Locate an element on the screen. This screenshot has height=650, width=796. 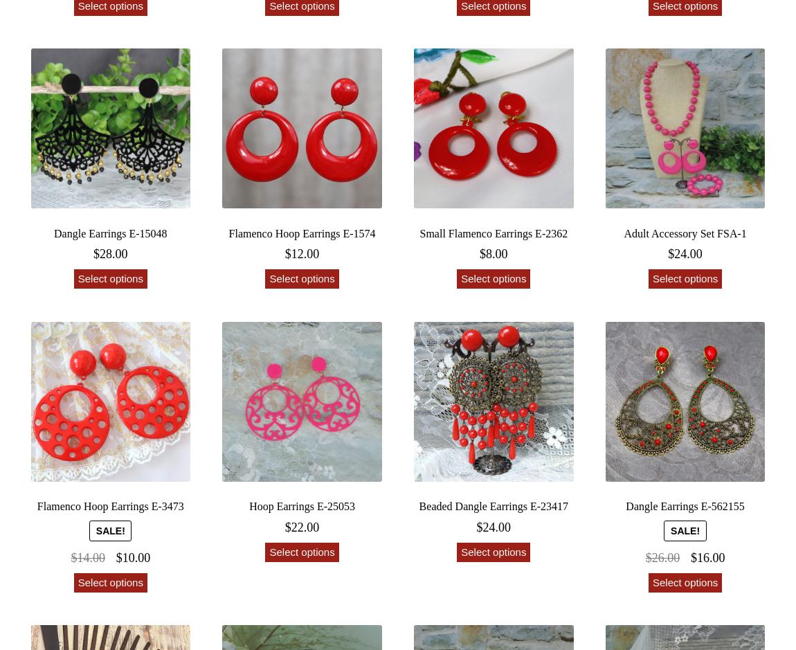
'Small Flamenco Earrings E-2362' is located at coordinates (493, 232).